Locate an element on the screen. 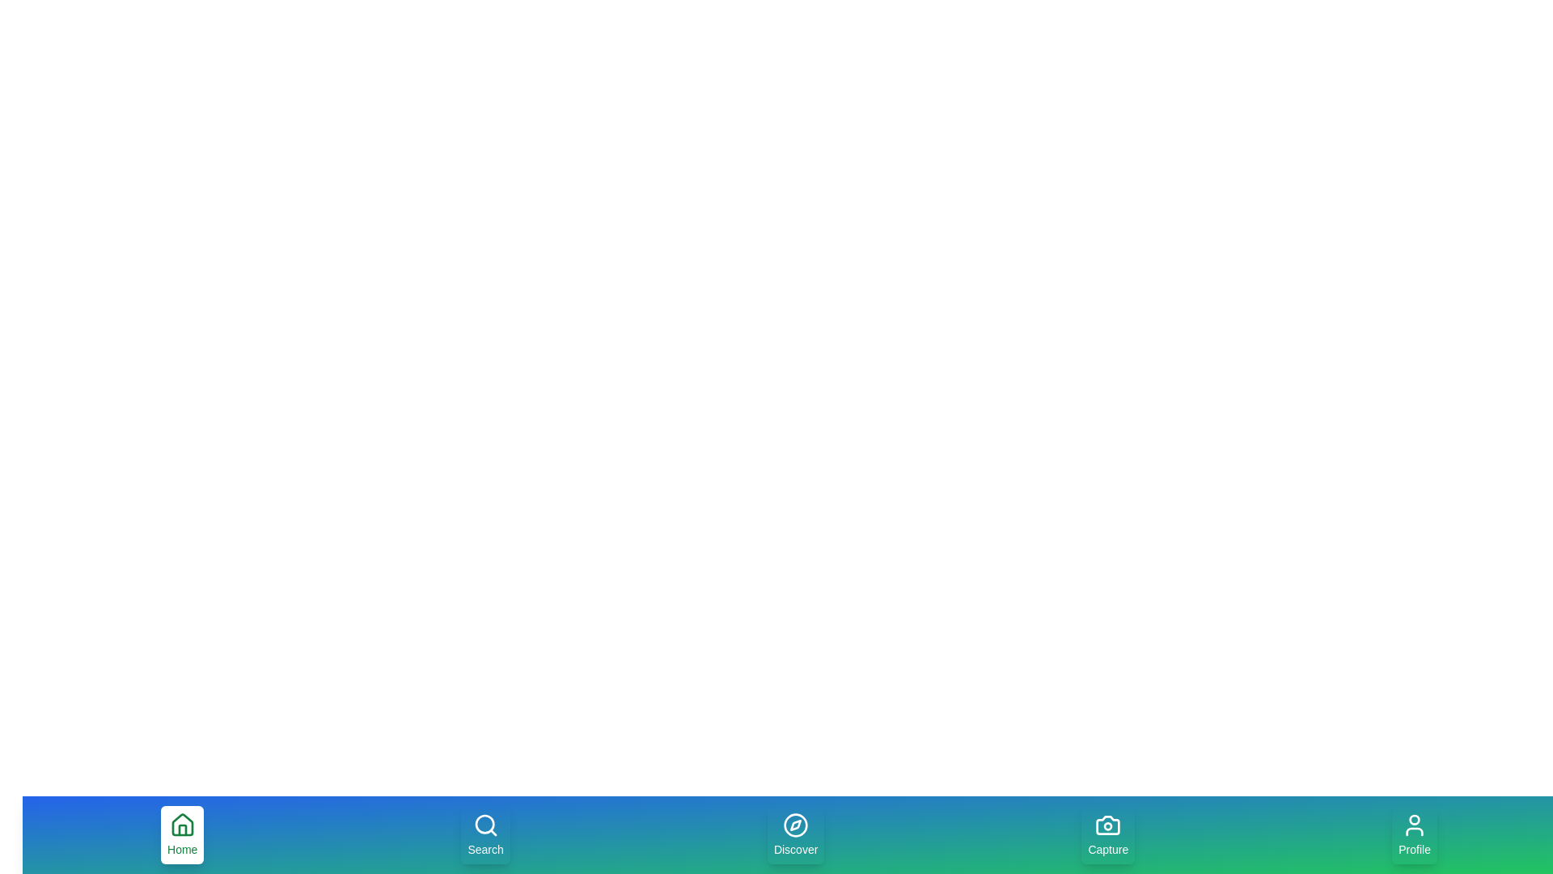 This screenshot has height=874, width=1553. the Search tab to navigate to its section is located at coordinates (485, 835).